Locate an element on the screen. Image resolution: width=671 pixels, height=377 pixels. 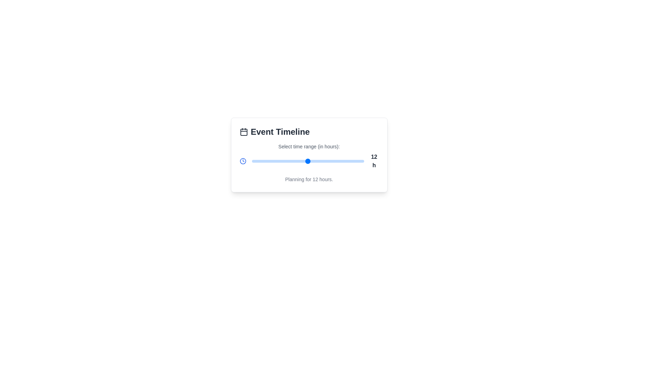
the time range is located at coordinates (289, 161).